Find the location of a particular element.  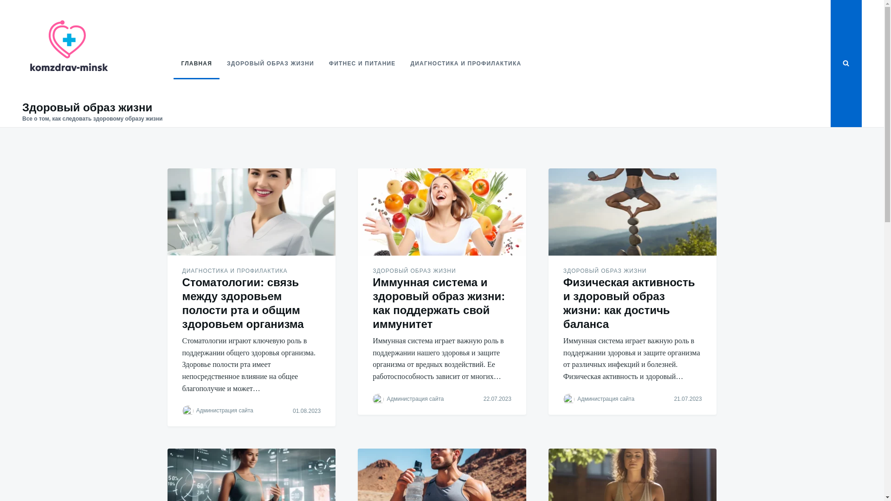

'21.07.2023' is located at coordinates (688, 398).